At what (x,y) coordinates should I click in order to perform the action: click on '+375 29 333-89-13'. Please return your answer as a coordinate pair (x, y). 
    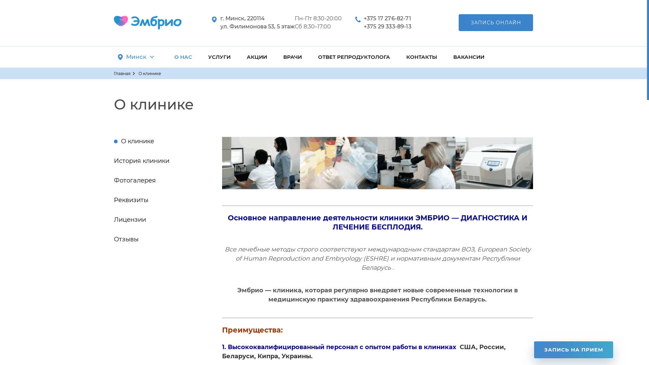
    Looking at the image, I should click on (387, 26).